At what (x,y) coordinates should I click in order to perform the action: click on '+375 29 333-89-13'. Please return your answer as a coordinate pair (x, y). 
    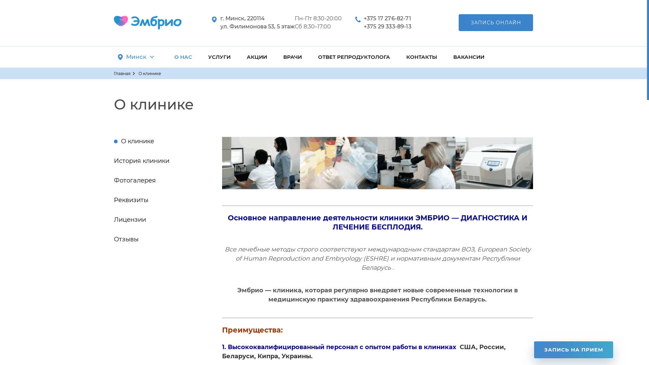
    Looking at the image, I should click on (387, 26).